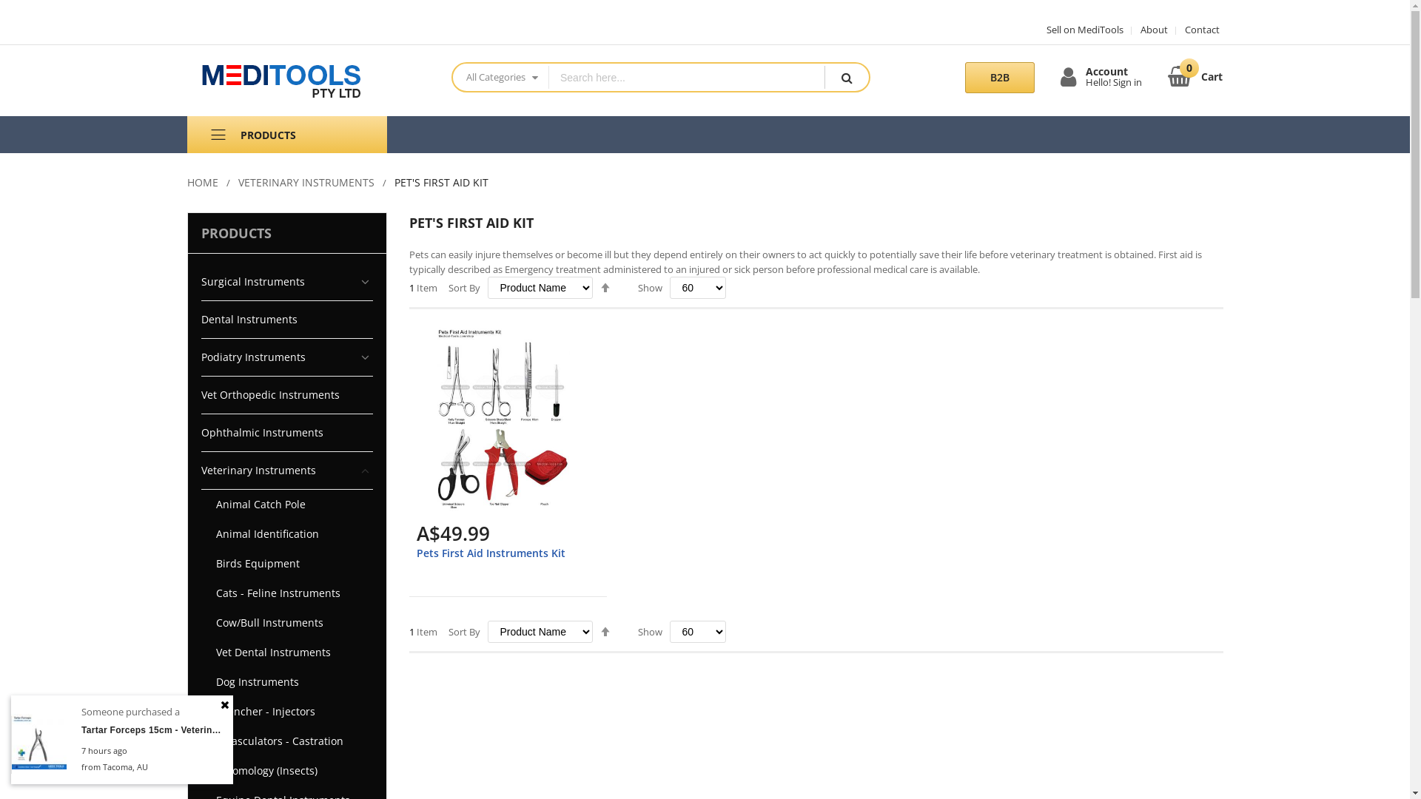 The height and width of the screenshot is (799, 1421). What do you see at coordinates (287, 433) in the screenshot?
I see `'Ophthalmic Instruments'` at bounding box center [287, 433].